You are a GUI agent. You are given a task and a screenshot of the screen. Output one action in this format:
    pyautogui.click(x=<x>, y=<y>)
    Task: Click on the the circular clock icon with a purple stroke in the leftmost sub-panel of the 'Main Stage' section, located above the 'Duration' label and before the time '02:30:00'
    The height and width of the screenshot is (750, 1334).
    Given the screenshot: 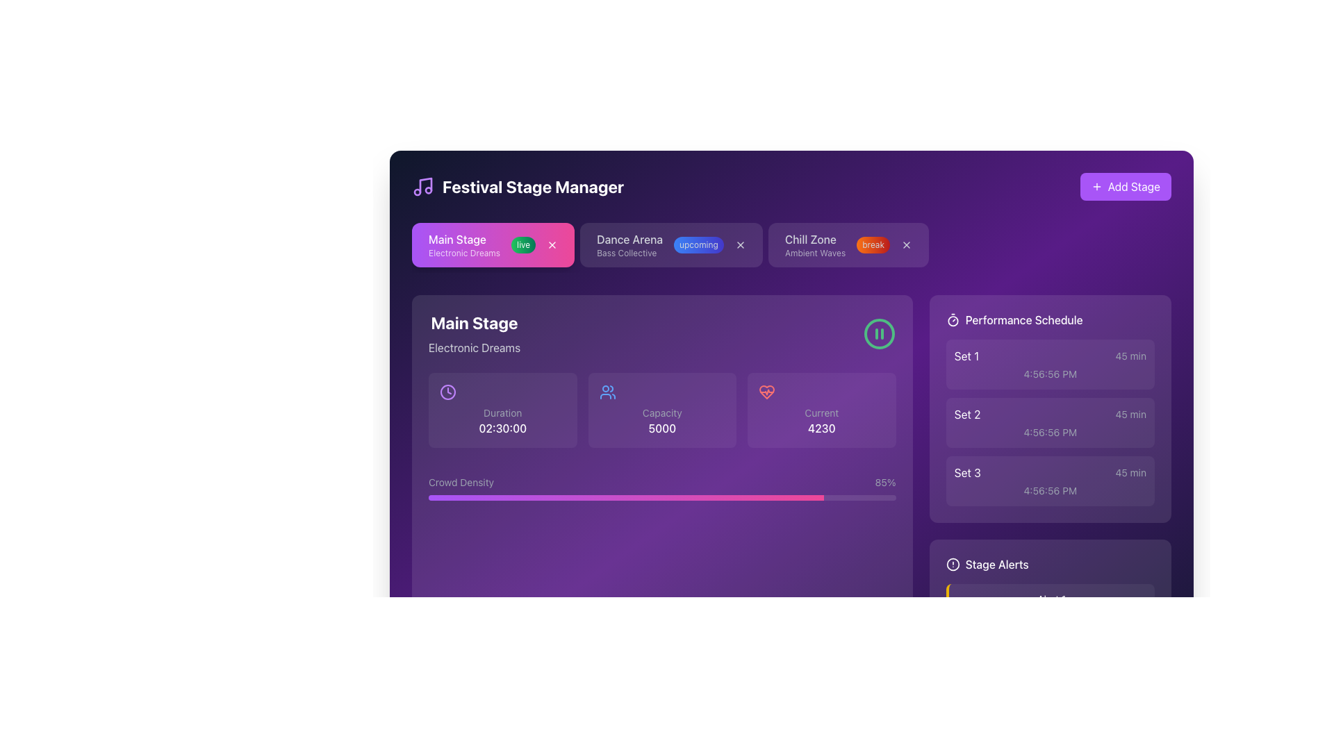 What is the action you would take?
    pyautogui.click(x=447, y=392)
    